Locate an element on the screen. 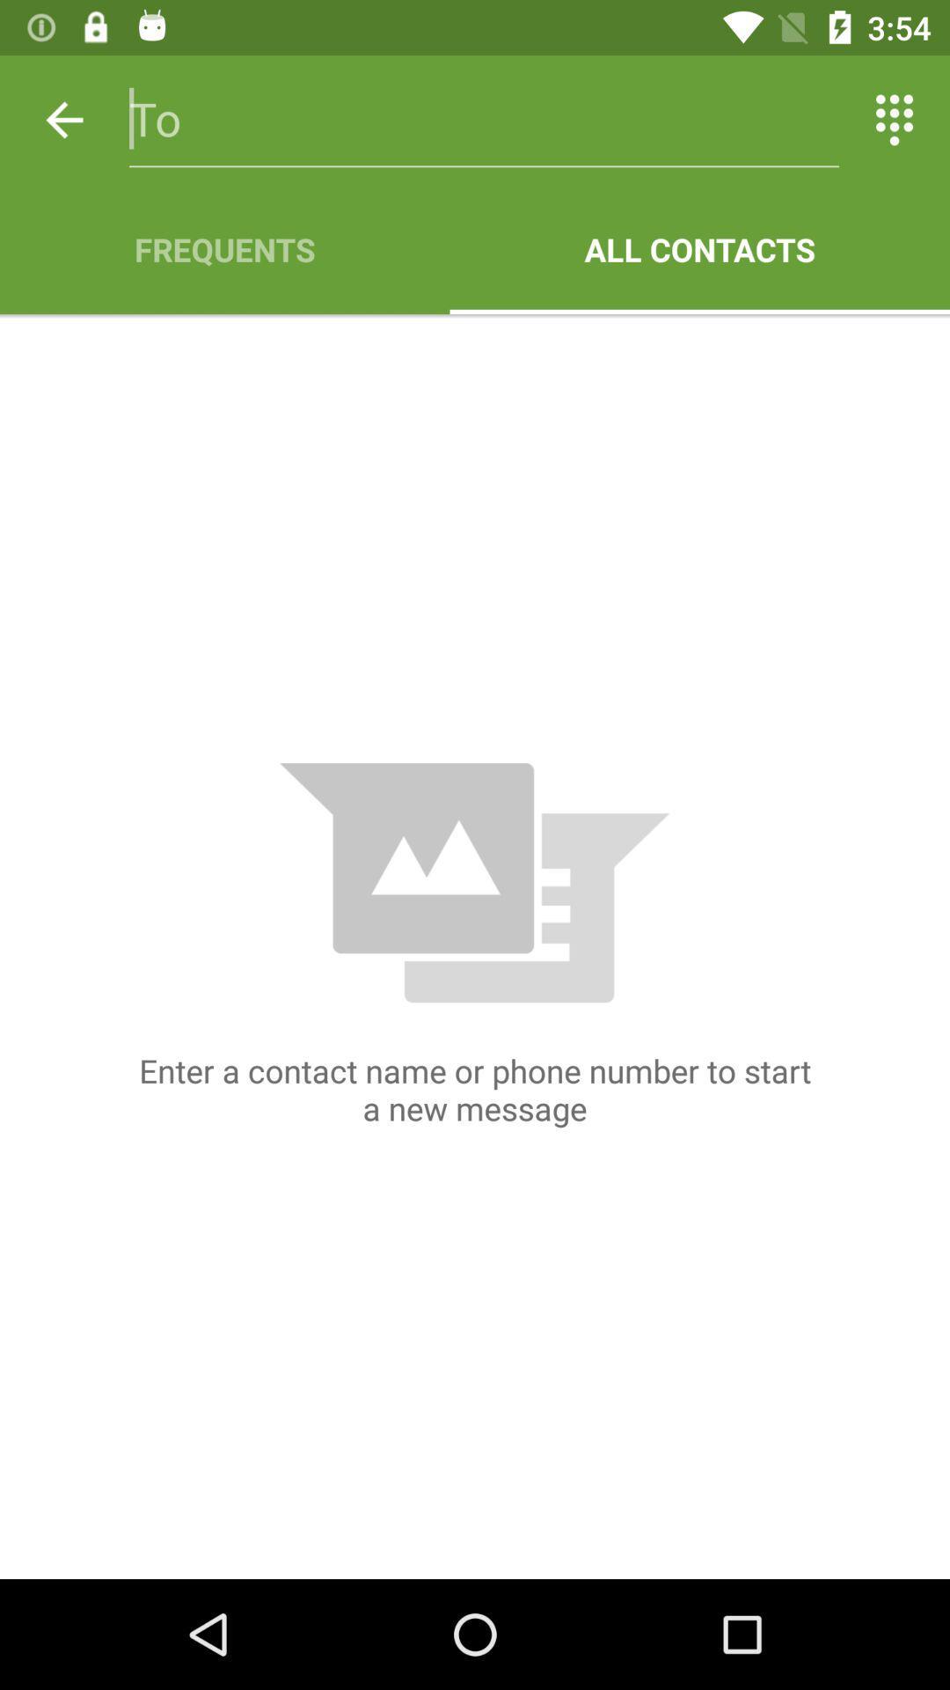 The height and width of the screenshot is (1690, 950). item next to all contacts app is located at coordinates (223, 248).